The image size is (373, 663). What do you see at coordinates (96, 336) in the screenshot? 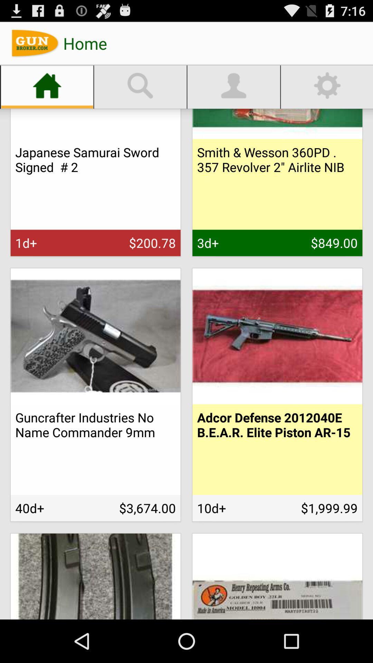
I see `2nd line 1st image` at bounding box center [96, 336].